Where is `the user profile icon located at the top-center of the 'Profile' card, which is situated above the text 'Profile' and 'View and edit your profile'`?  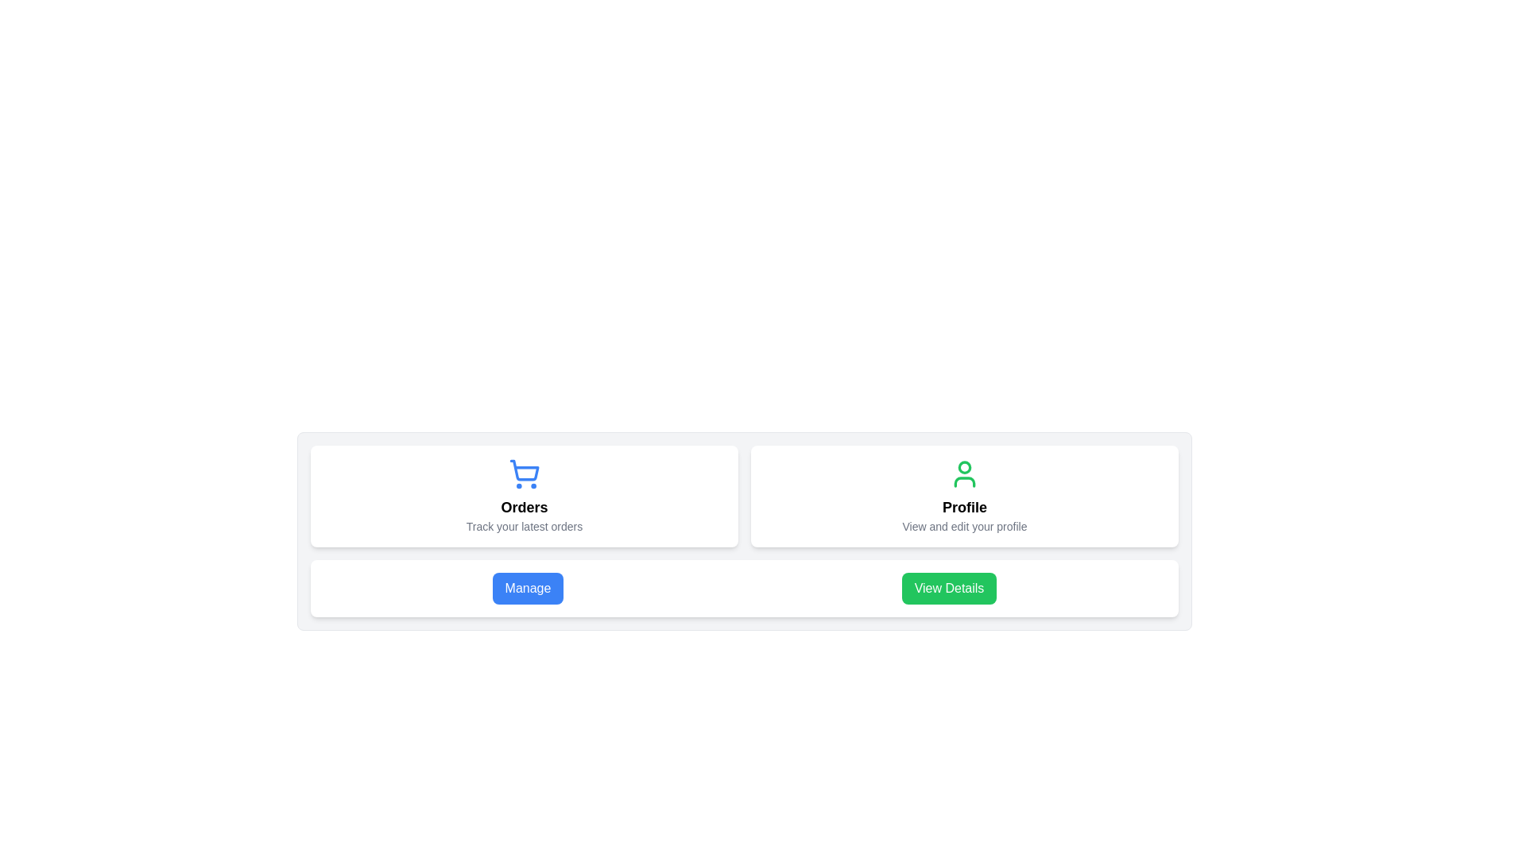
the user profile icon located at the top-center of the 'Profile' card, which is situated above the text 'Profile' and 'View and edit your profile' is located at coordinates (964, 473).